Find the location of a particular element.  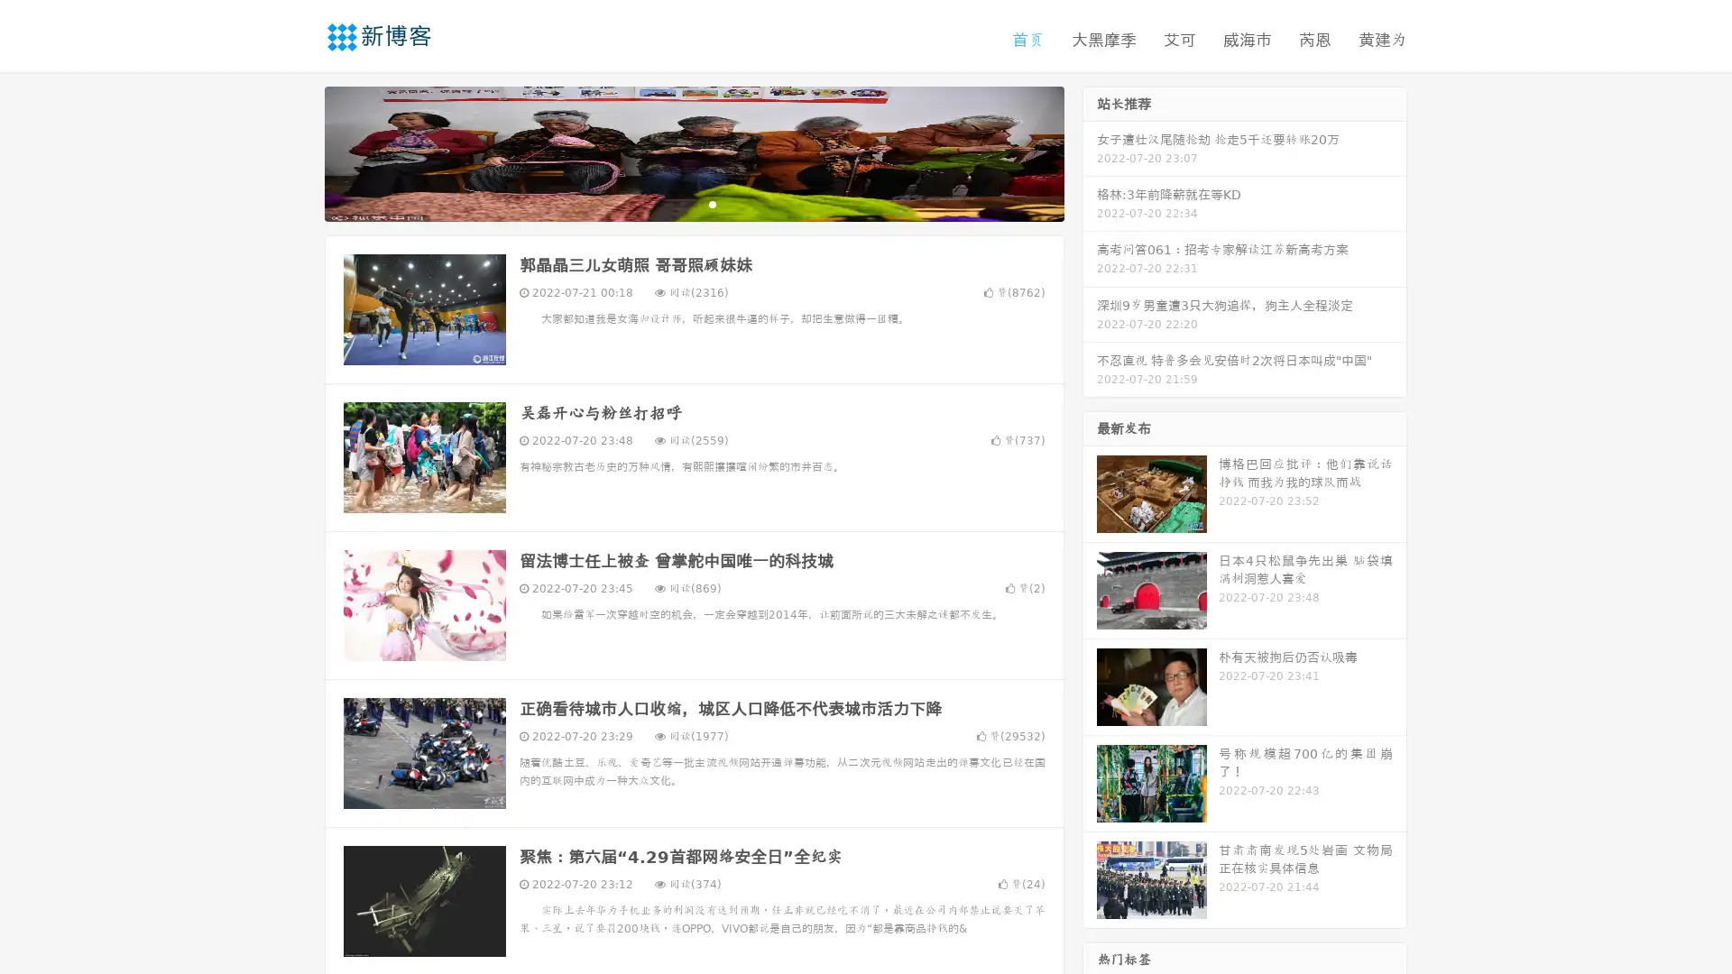

Go to slide 1 is located at coordinates (675, 203).